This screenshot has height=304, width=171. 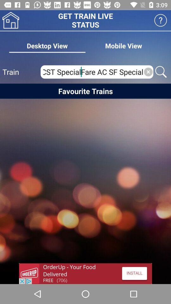 What do you see at coordinates (161, 72) in the screenshot?
I see `the search icon` at bounding box center [161, 72].